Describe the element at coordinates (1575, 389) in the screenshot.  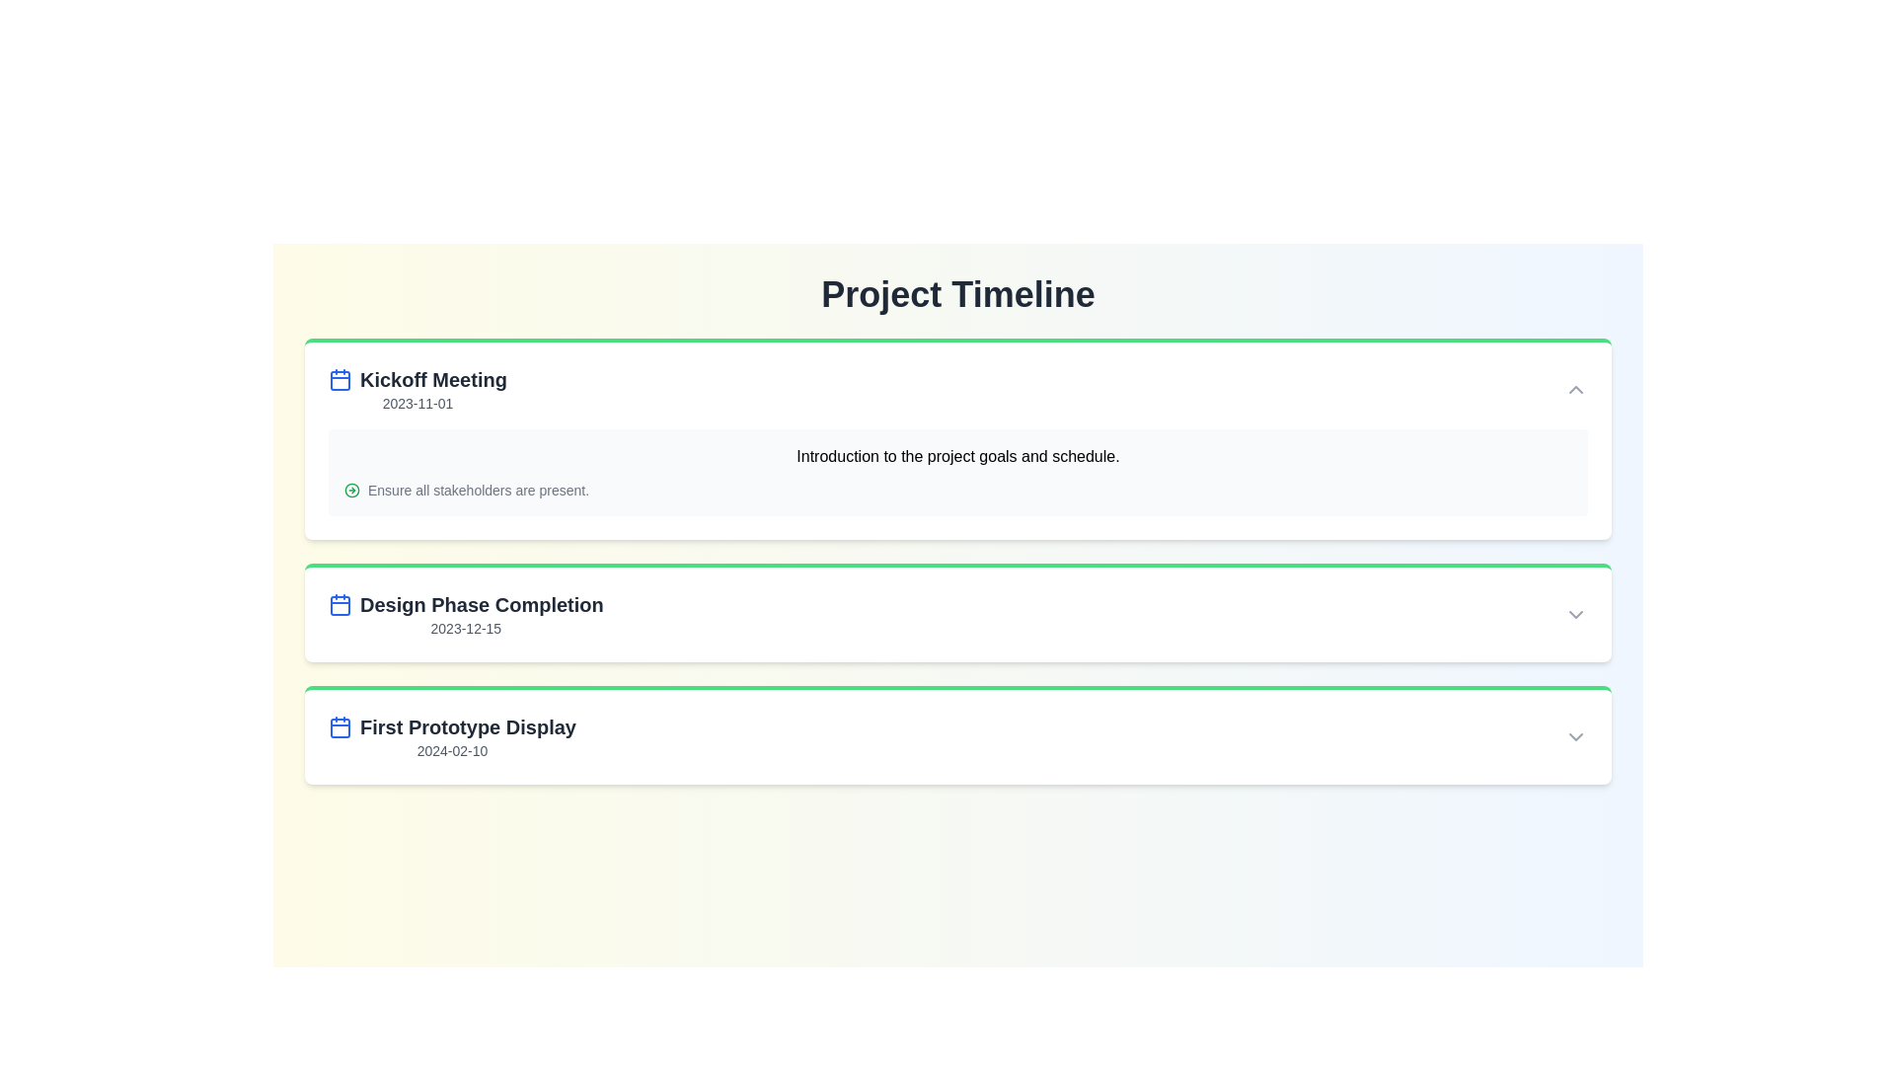
I see `the small upward-facing chevron icon button located on the rightmost part of the 'Kickoff Meeting' entry` at that location.